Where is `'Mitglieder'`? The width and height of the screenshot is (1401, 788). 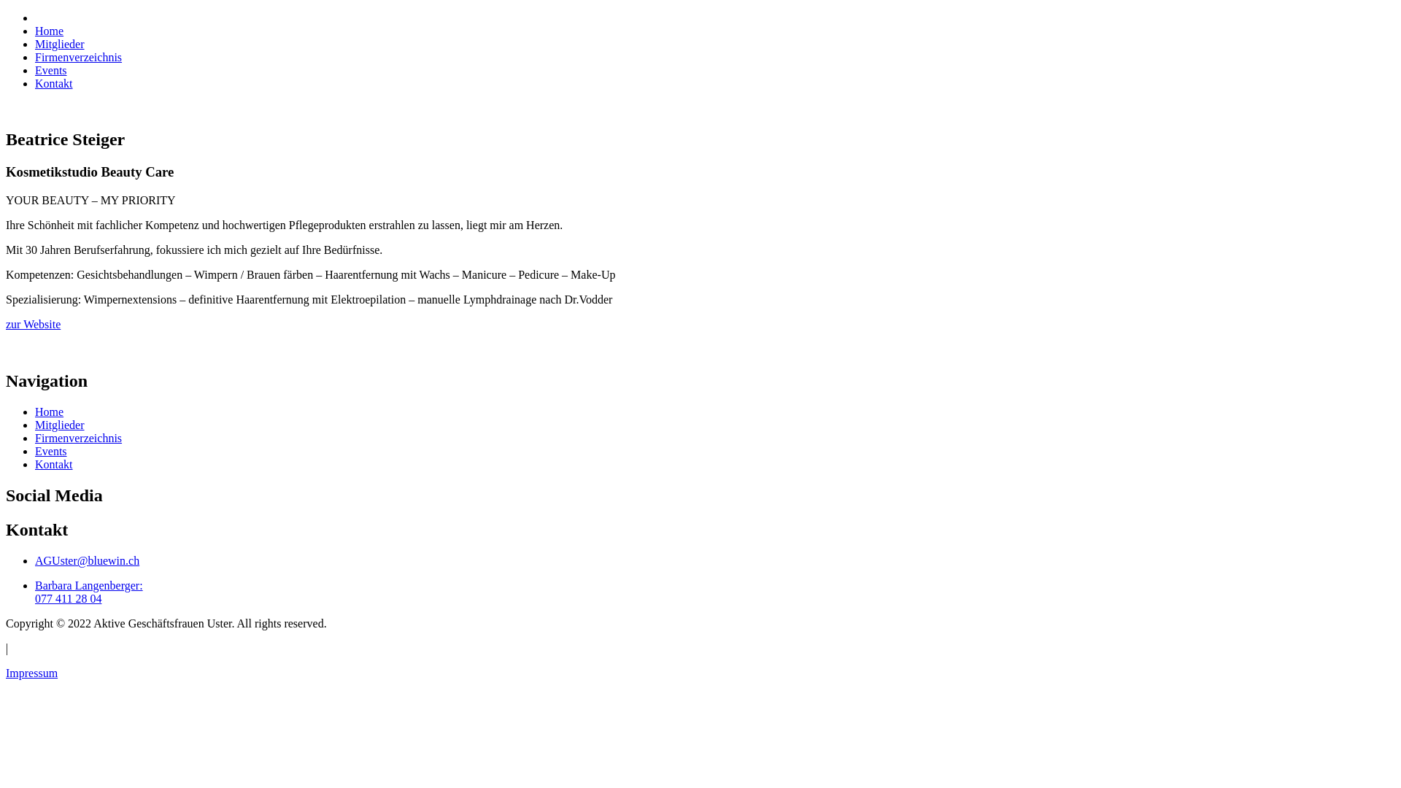 'Mitglieder' is located at coordinates (58, 43).